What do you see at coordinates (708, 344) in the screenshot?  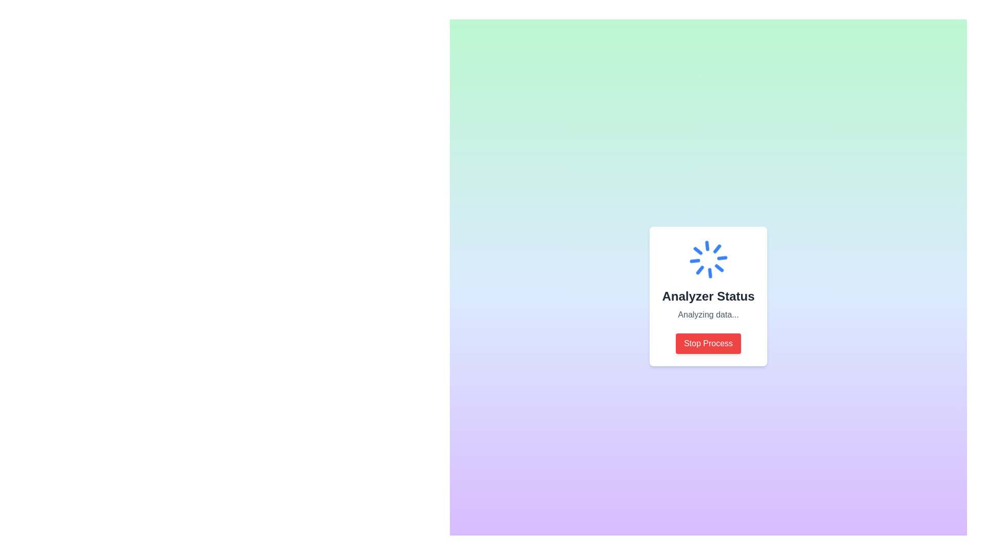 I see `the rectangular button with a red background and white text reading 'Stop Process' to trigger the hover effect` at bounding box center [708, 344].